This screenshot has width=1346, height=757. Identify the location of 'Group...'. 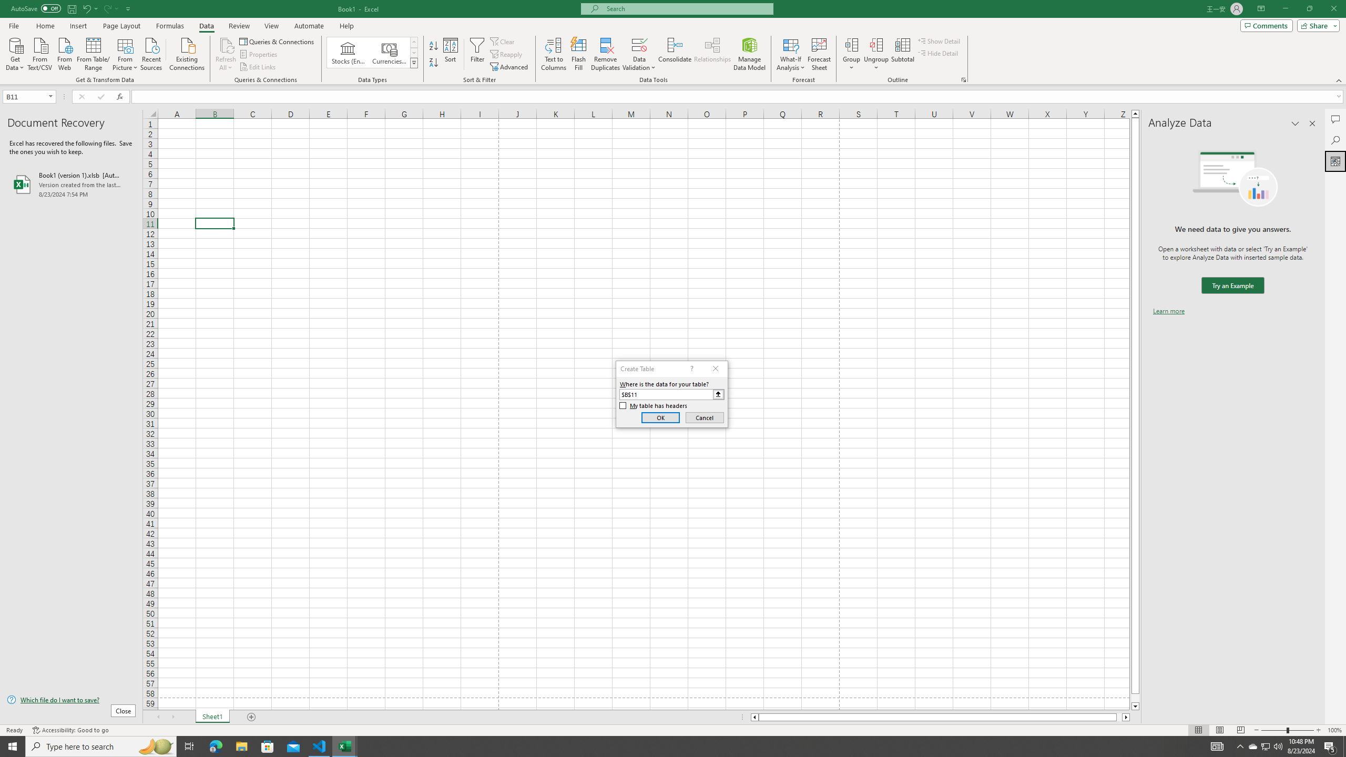
(851, 54).